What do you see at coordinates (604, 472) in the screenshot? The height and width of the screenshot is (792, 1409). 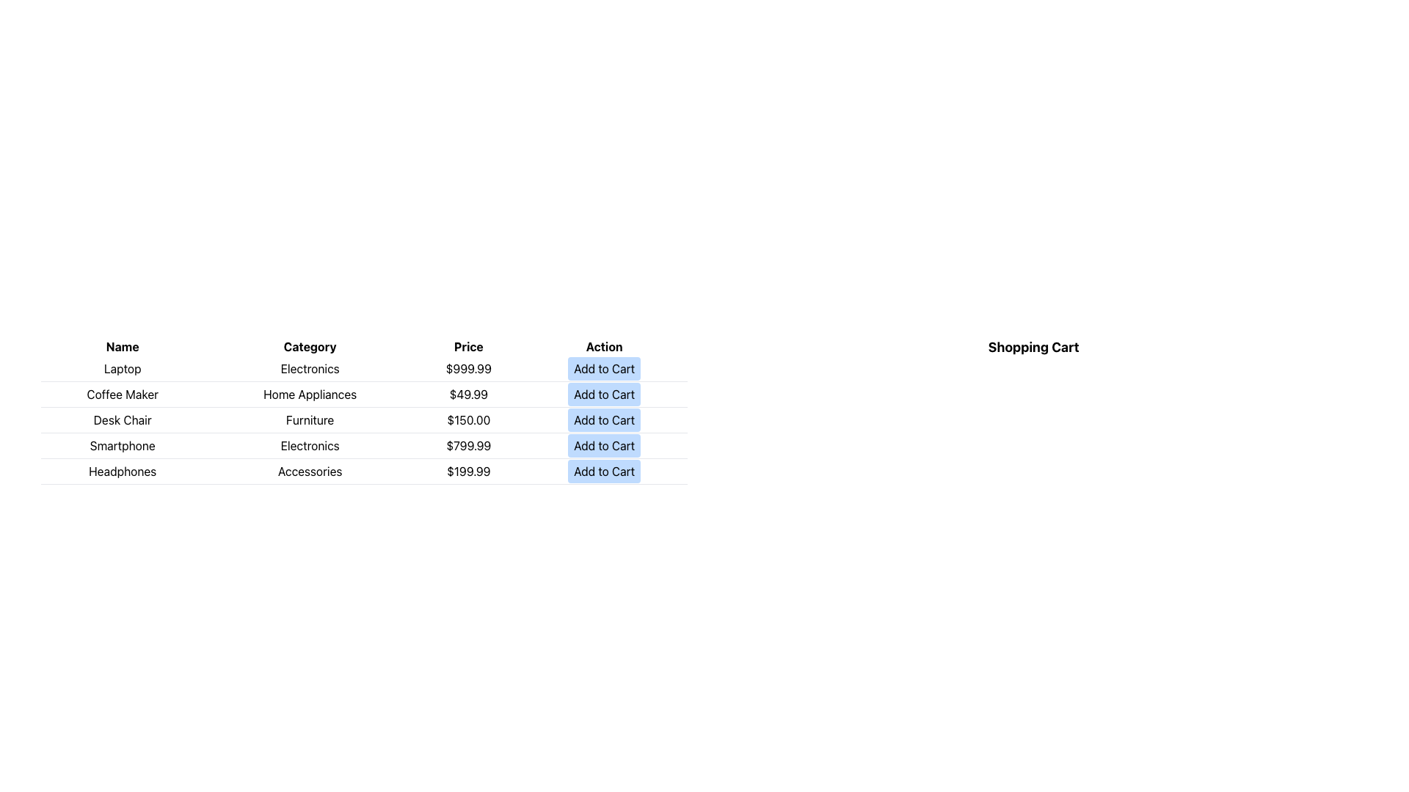 I see `the fifth button in the 'Action' column associated with 'Headphones'` at bounding box center [604, 472].